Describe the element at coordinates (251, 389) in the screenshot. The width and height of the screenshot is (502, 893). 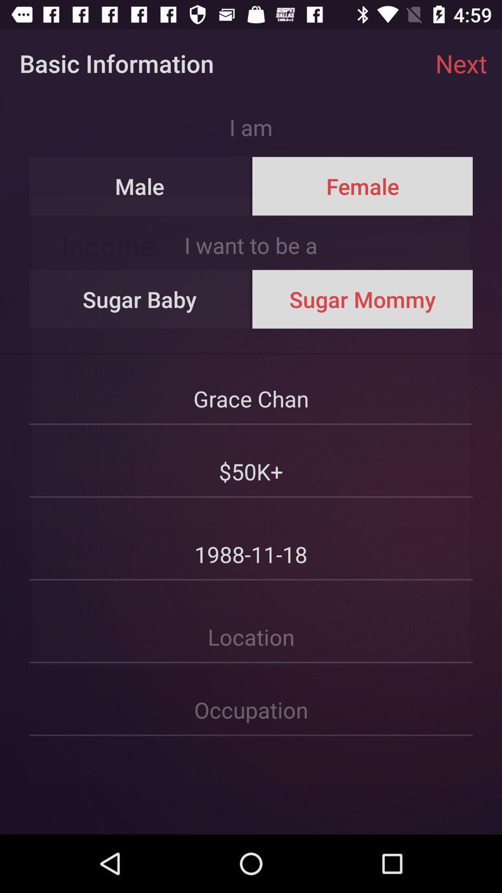
I see `the grace chan item` at that location.